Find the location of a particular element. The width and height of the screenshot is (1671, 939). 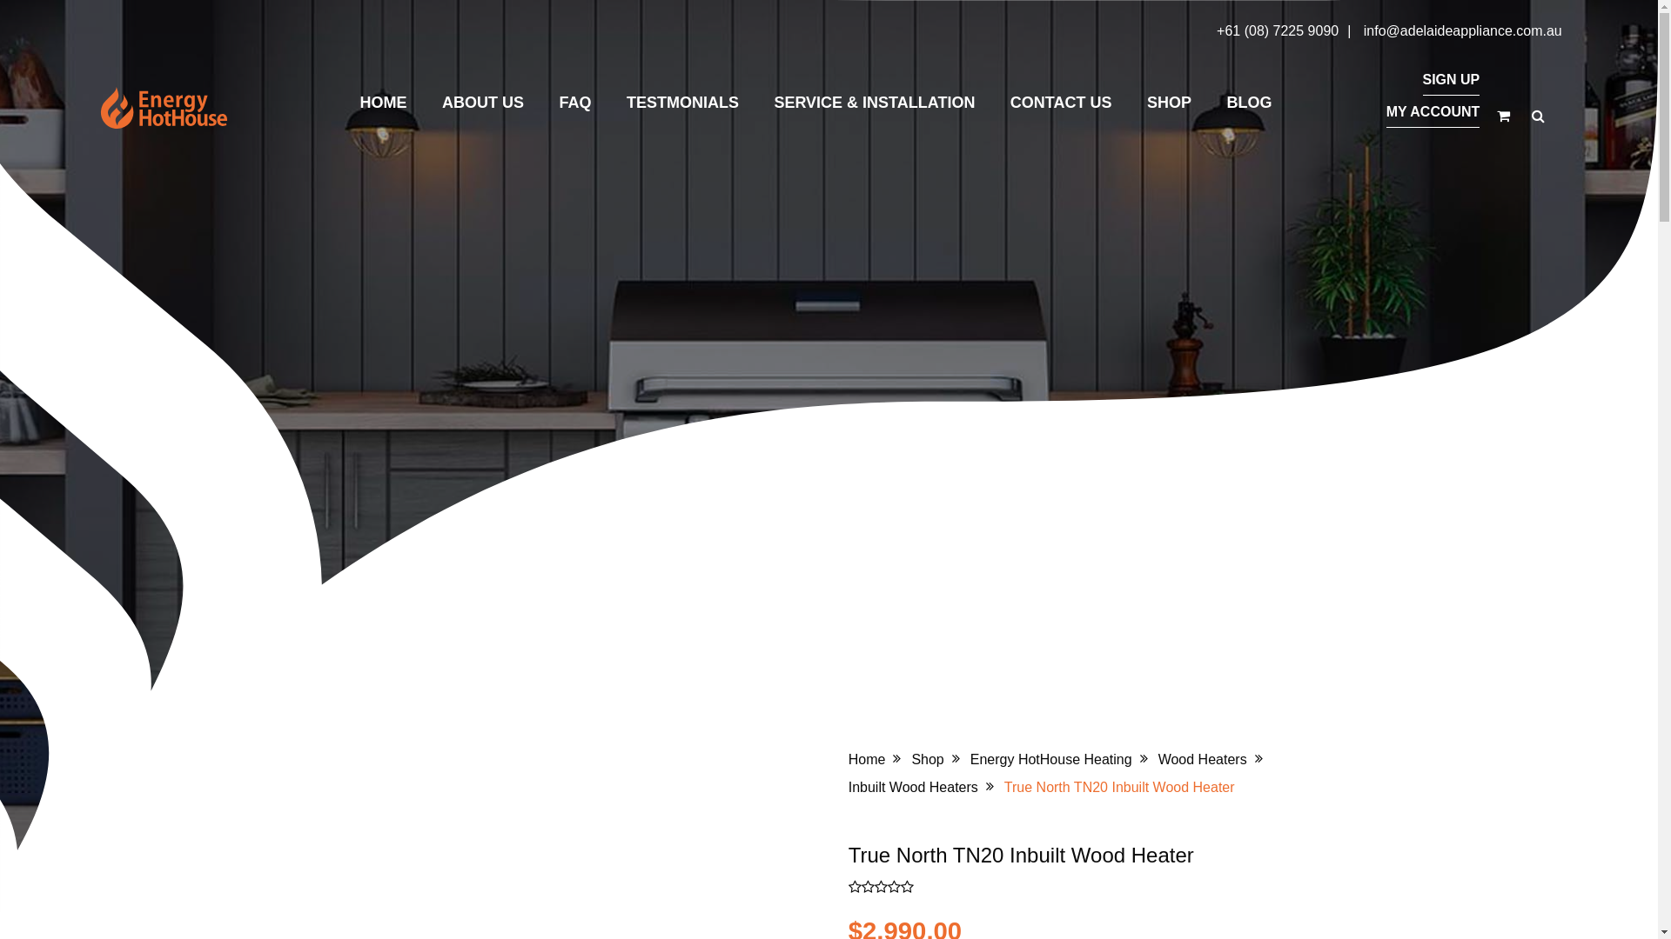

'SIGN UP' is located at coordinates (1421, 80).